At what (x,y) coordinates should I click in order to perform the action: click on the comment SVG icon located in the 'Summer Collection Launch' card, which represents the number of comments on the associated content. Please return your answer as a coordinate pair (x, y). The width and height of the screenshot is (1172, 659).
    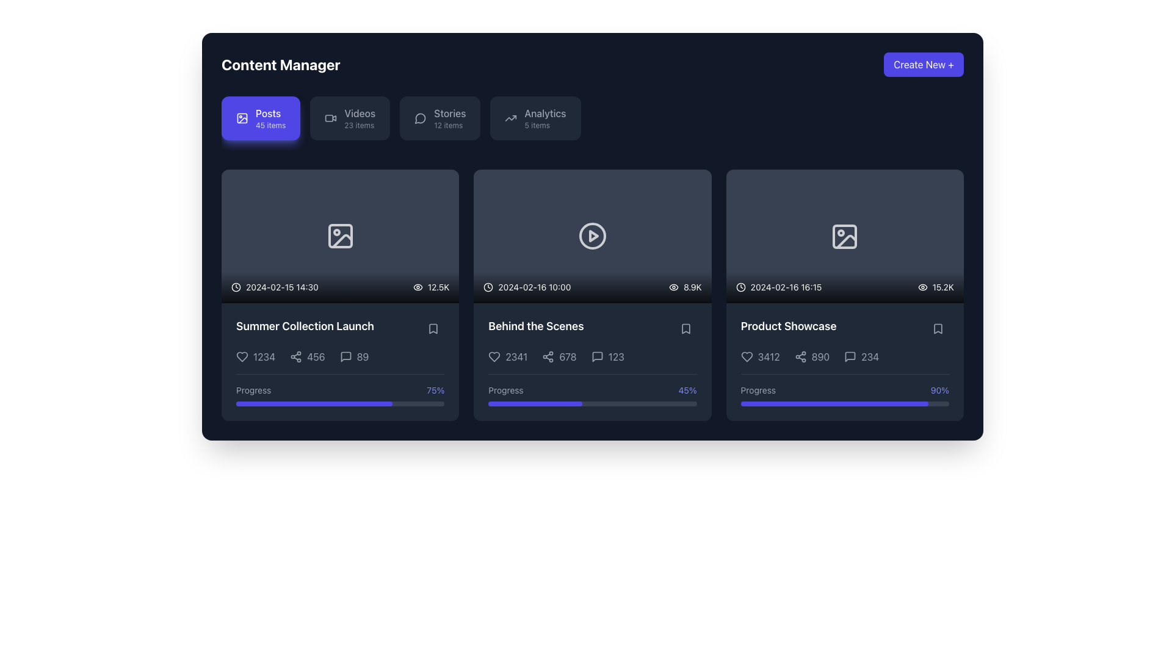
    Looking at the image, I should click on (345, 356).